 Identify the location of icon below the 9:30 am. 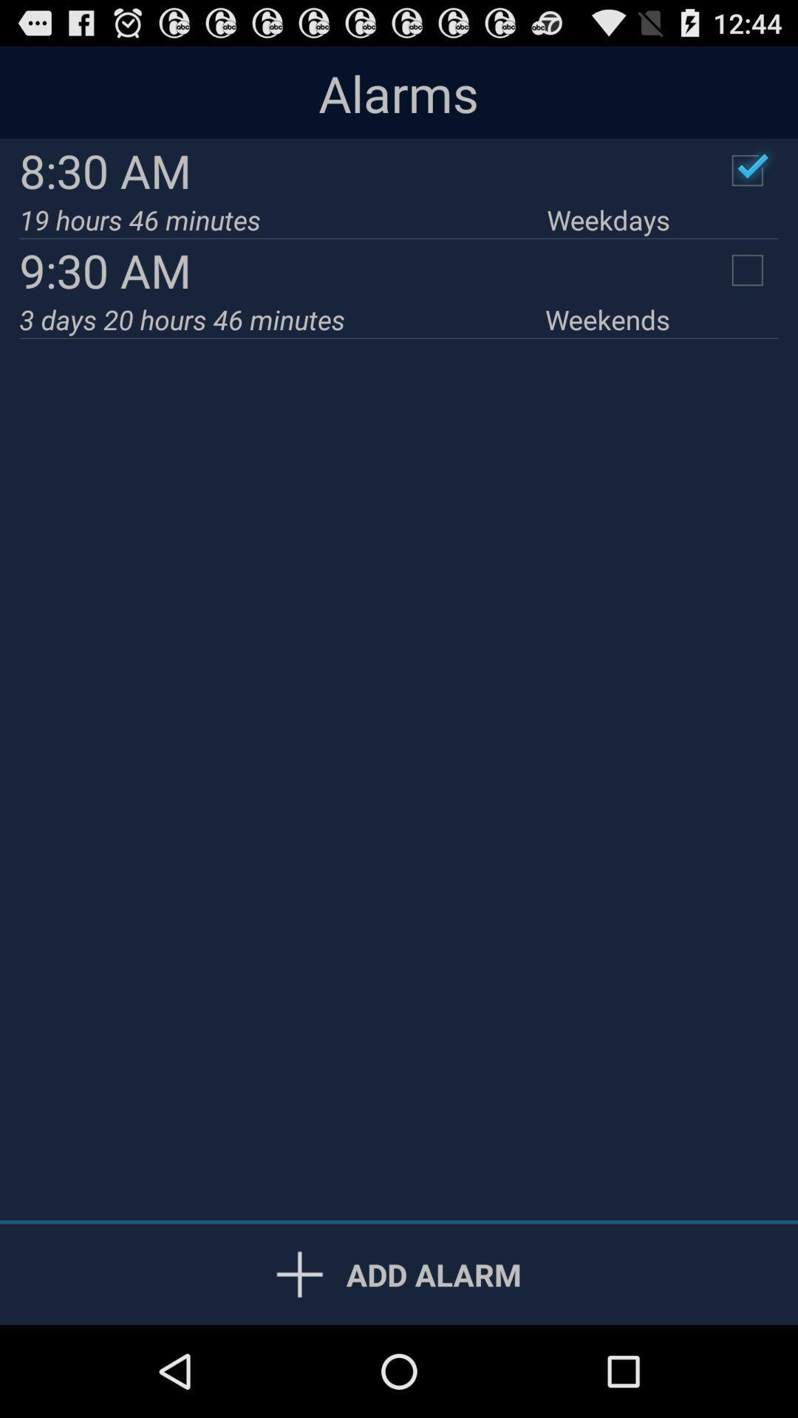
(282, 318).